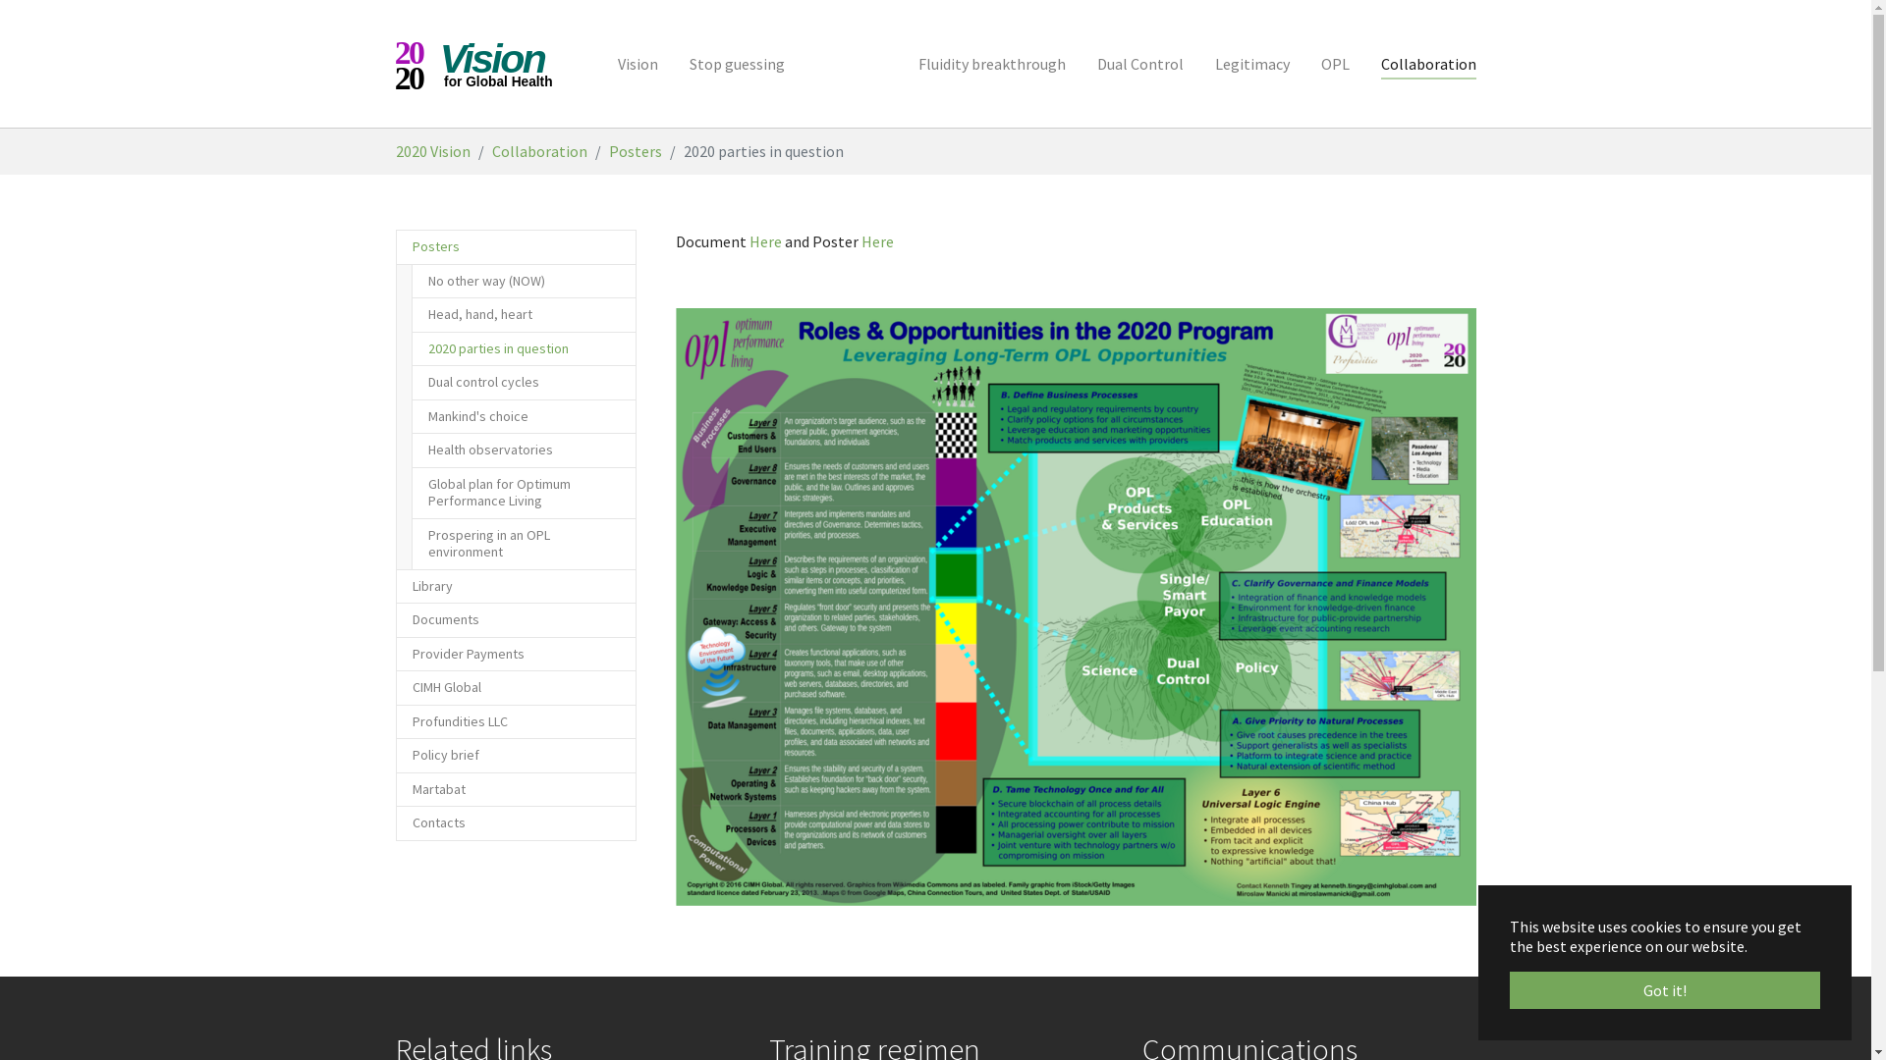  Describe the element at coordinates (394, 620) in the screenshot. I see `'Documents'` at that location.